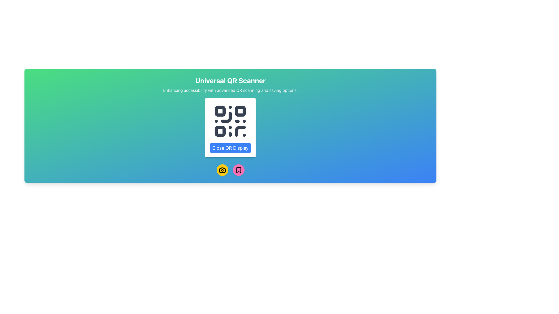  I want to click on text from the 'Universal QR Scanner' Text Block located at the top-center of the card with a gradient green-to-blue background, so click(230, 84).